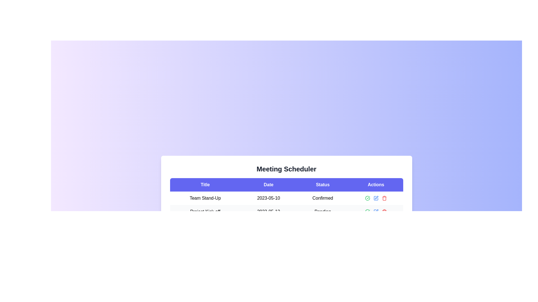 This screenshot has width=538, height=302. Describe the element at coordinates (384, 198) in the screenshot. I see `the red trash icon` at that location.